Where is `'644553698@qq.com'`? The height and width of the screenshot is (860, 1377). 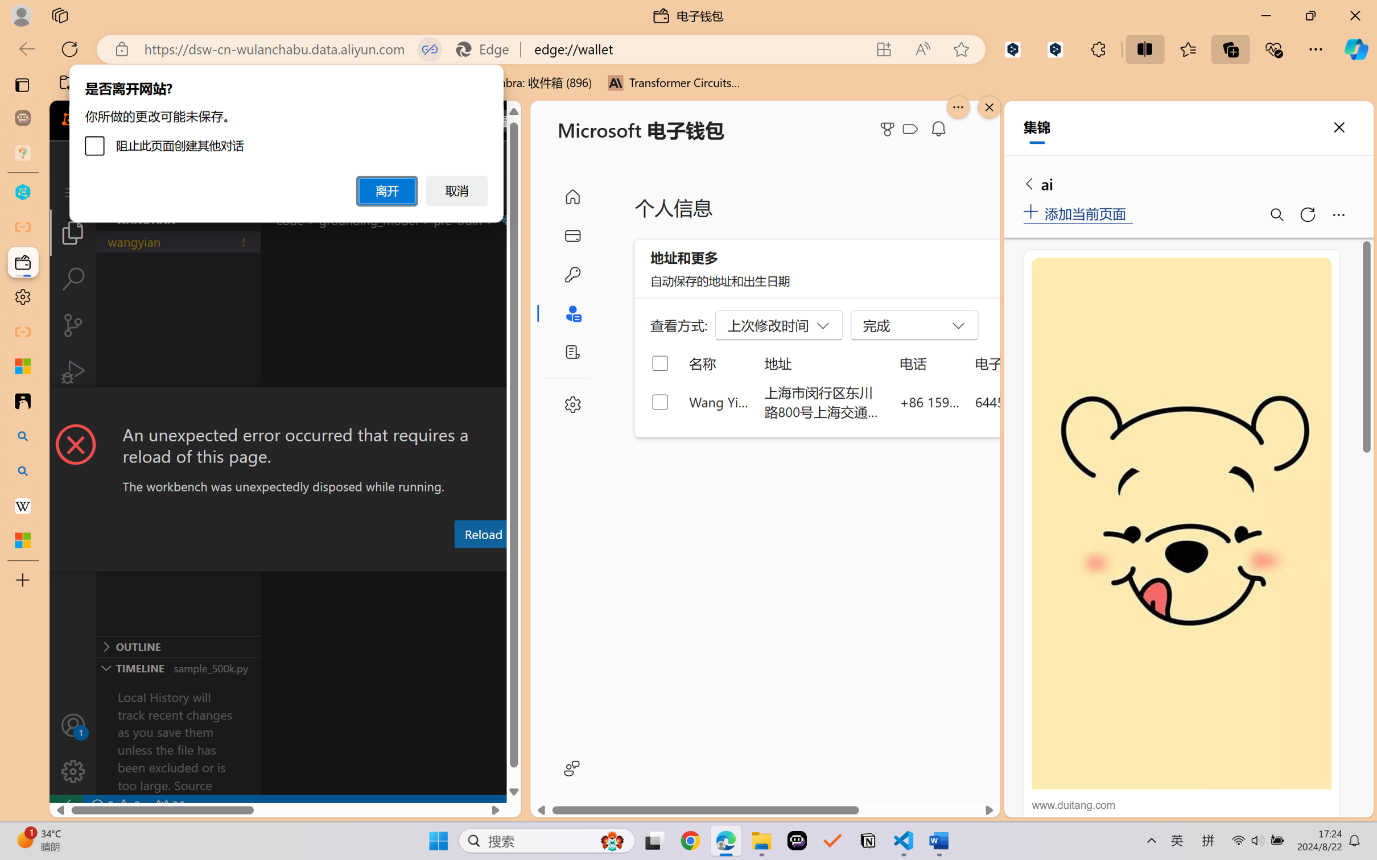
'644553698@qq.com' is located at coordinates (1034, 401).